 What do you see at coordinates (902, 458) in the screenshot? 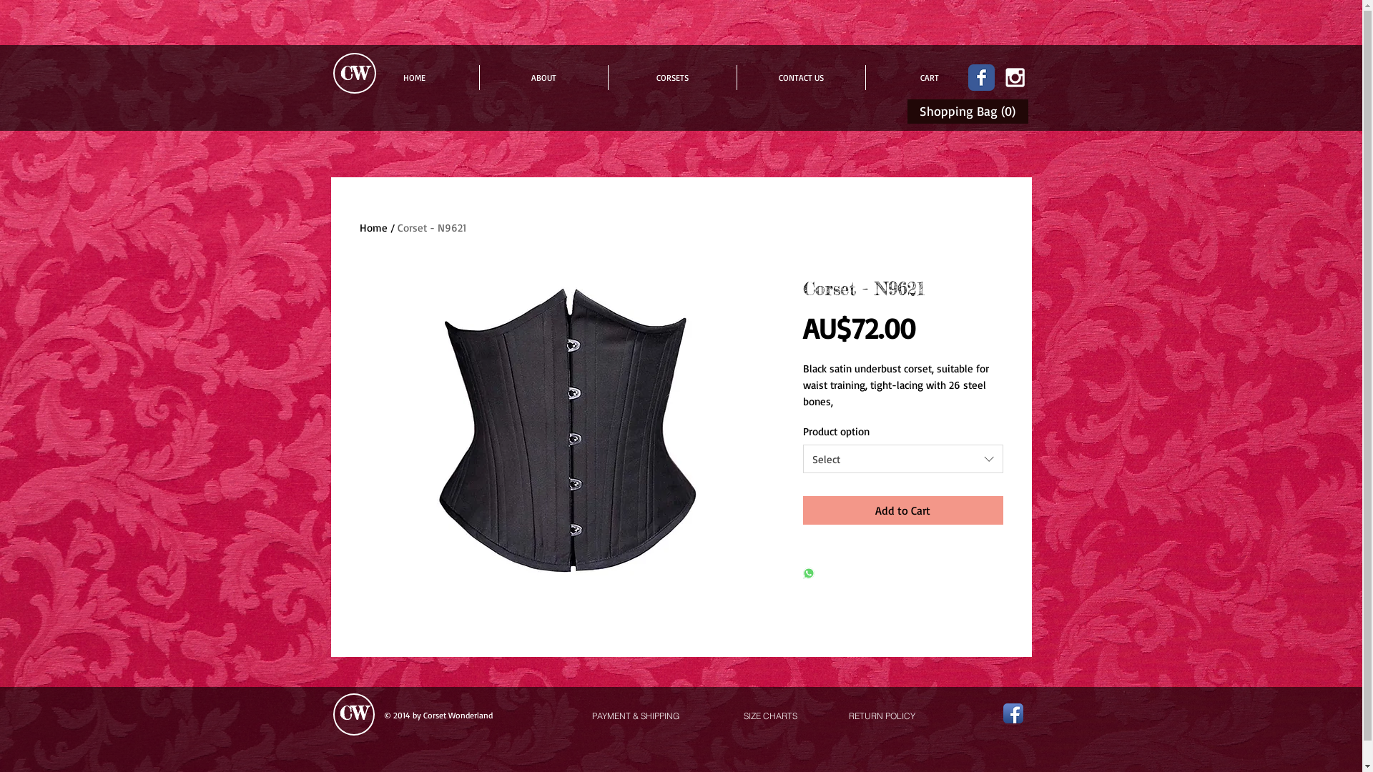
I see `'Select'` at bounding box center [902, 458].